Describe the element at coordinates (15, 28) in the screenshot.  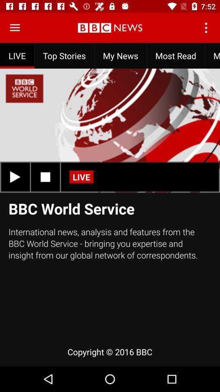
I see `short cut to home` at that location.